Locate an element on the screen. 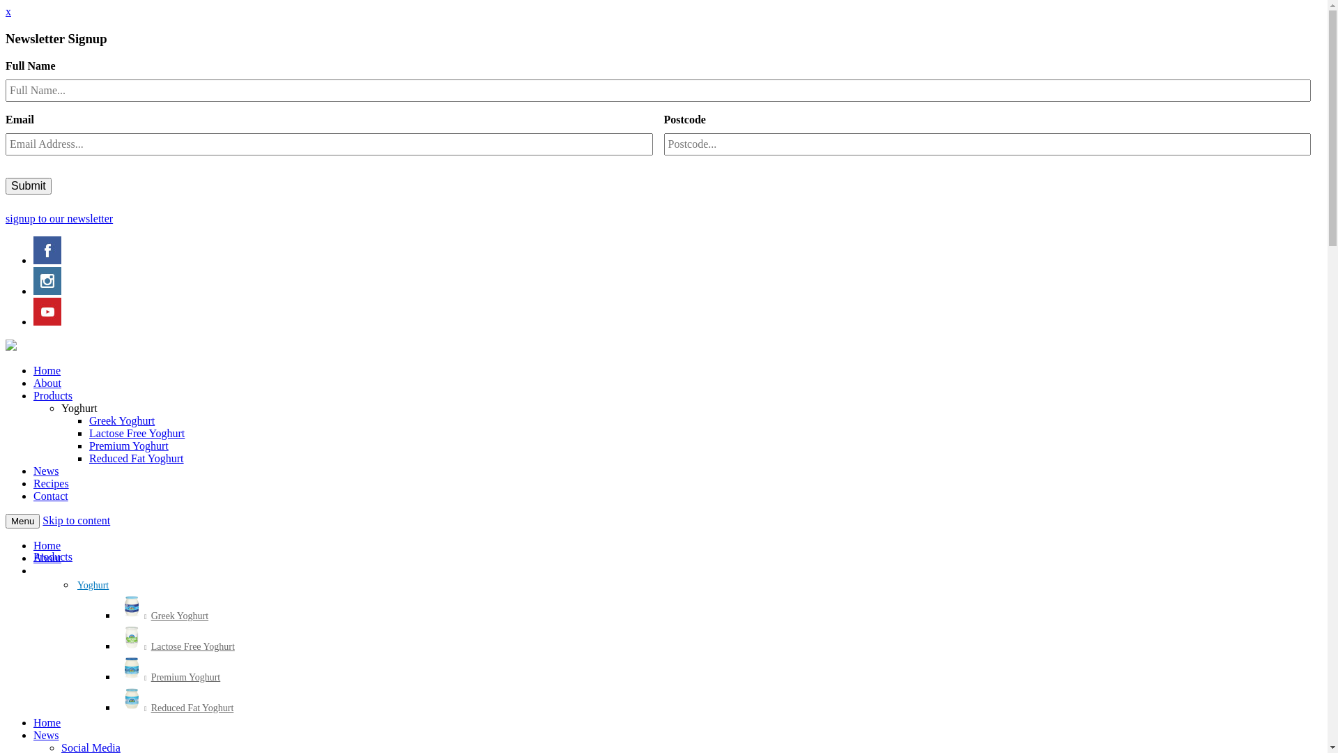 The width and height of the screenshot is (1338, 753). 'Home' is located at coordinates (47, 722).